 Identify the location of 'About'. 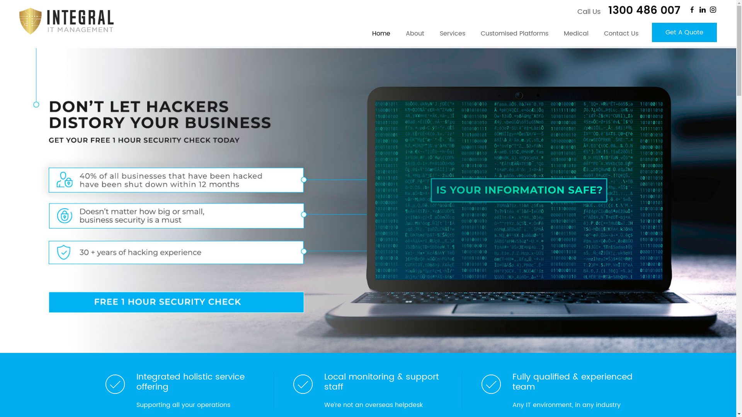
(415, 36).